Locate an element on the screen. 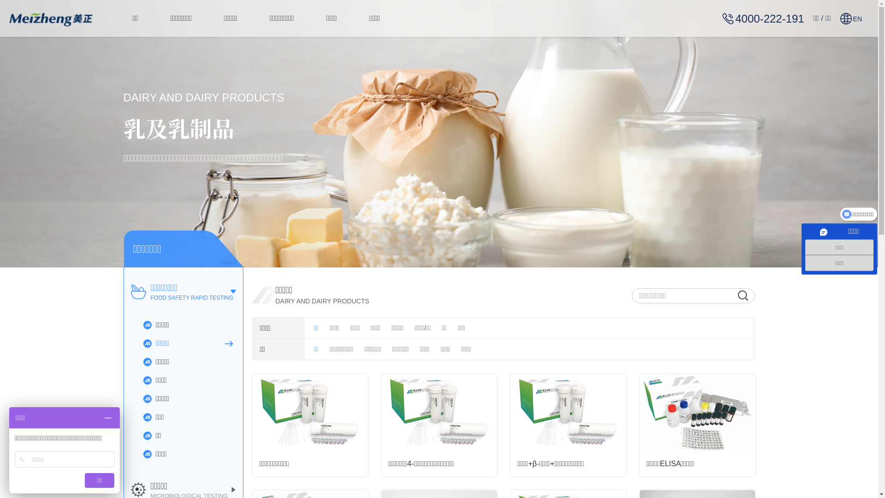 The height and width of the screenshot is (498, 885). 'EN' is located at coordinates (850, 18).